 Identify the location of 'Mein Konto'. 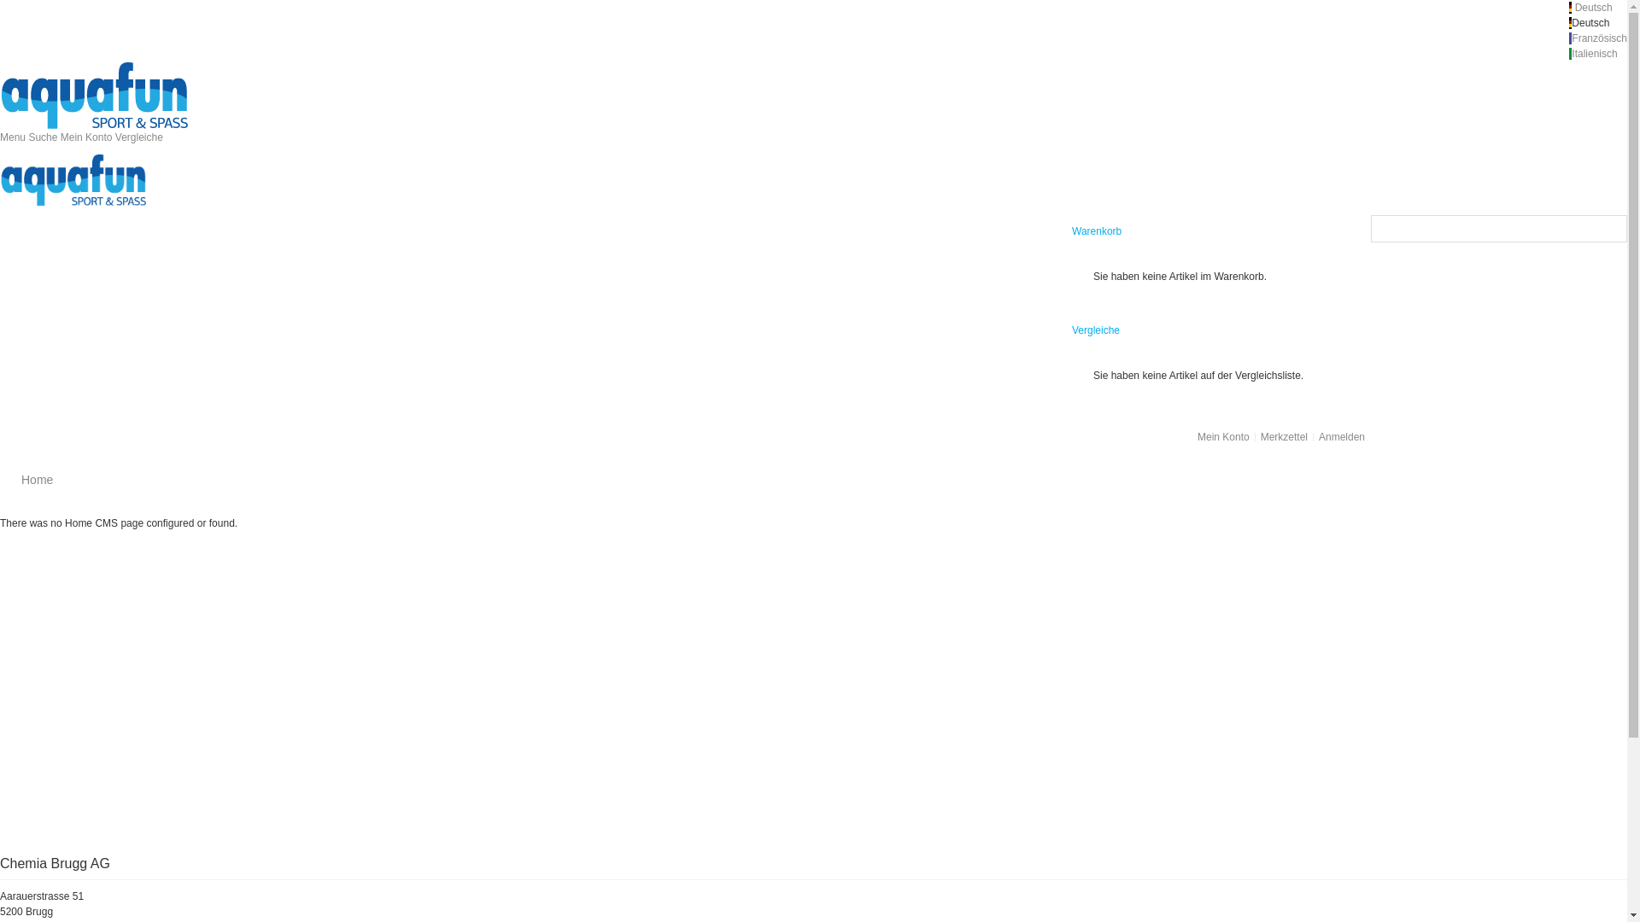
(1222, 436).